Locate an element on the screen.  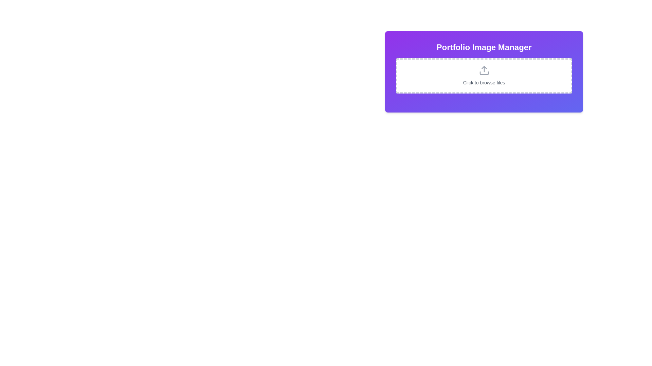
the Interactive upload panel with the text 'Click to browse files' and an upload icon is located at coordinates (484, 72).